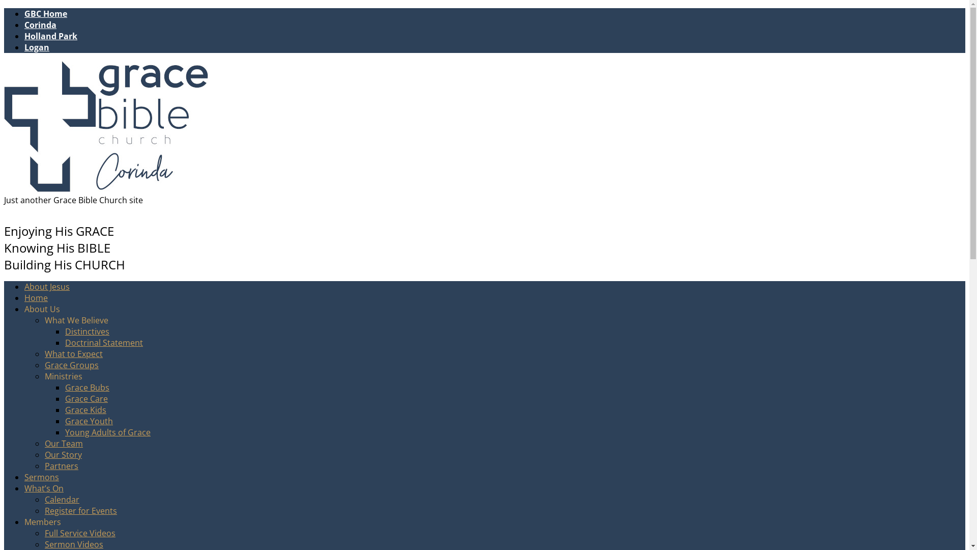  Describe the element at coordinates (61, 499) in the screenshot. I see `'Calendar'` at that location.